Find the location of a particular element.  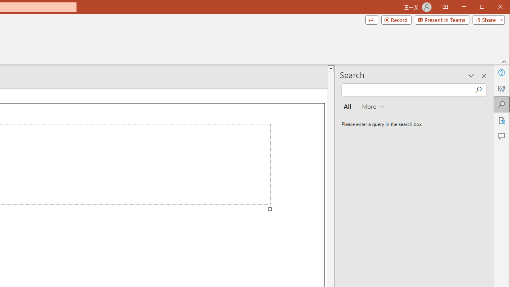

'Maximize' is located at coordinates (493, 8).